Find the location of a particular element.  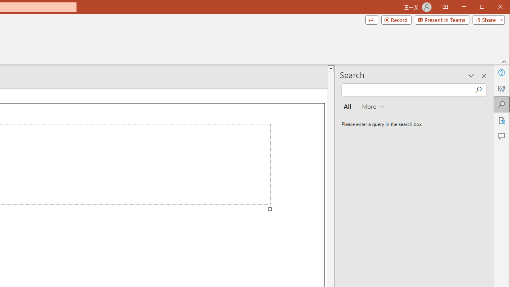

'Maximize' is located at coordinates (493, 8).